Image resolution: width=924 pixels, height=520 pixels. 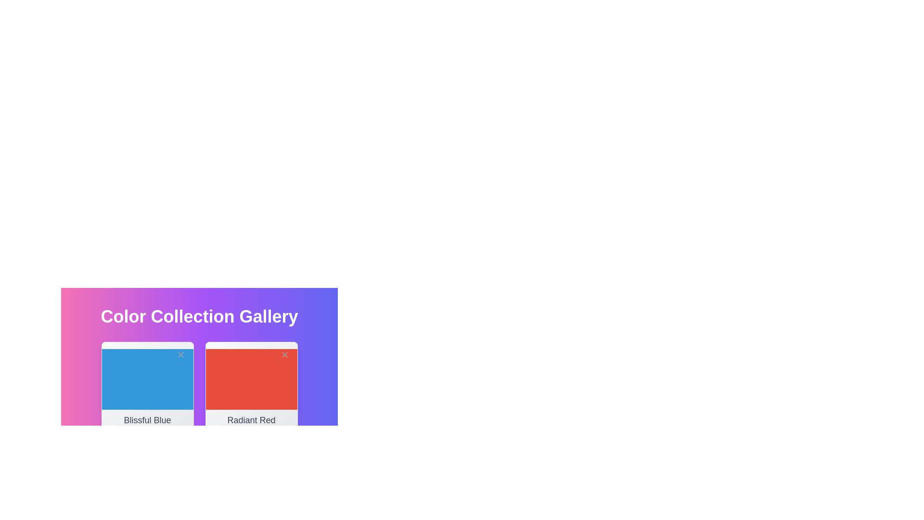 What do you see at coordinates (284, 354) in the screenshot?
I see `the 'X' icon in the top-right corner of the 'Radiant Red' card button` at bounding box center [284, 354].